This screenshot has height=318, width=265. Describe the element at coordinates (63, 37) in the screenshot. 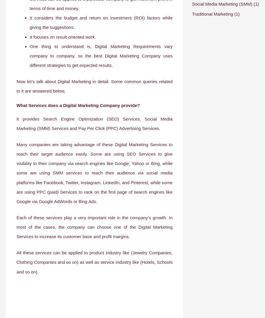

I see `'It focuses on result-oriented work.'` at that location.